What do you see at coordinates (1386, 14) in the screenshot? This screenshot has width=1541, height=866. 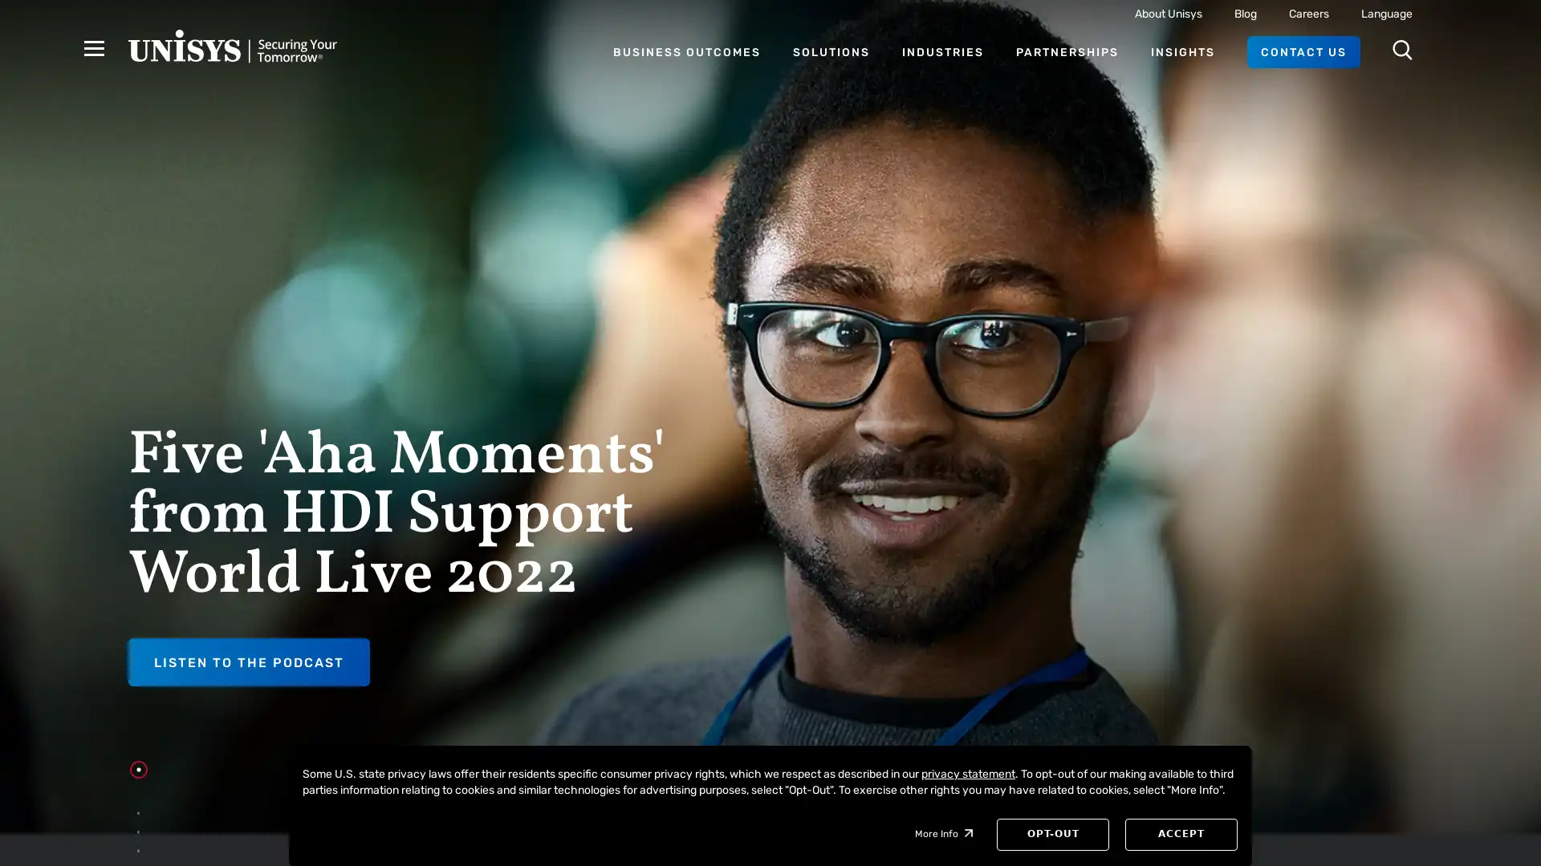 I see `Language` at bounding box center [1386, 14].